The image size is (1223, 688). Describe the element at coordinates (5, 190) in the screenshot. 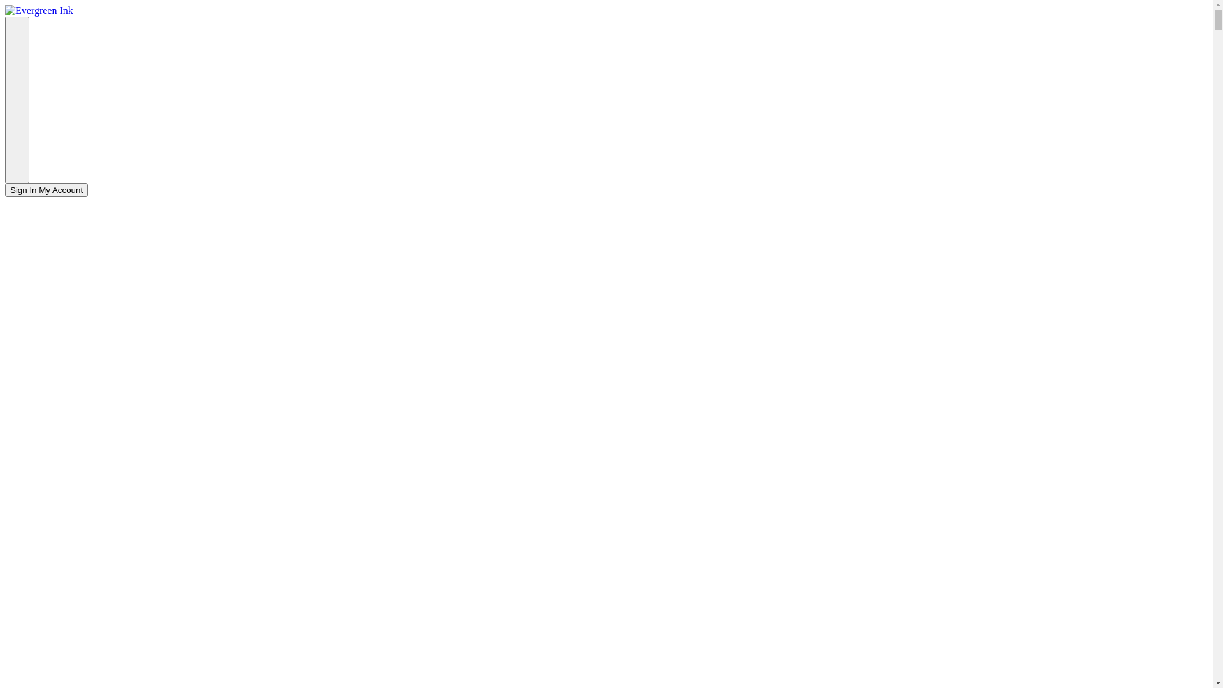

I see `'Sign In My Account'` at that location.